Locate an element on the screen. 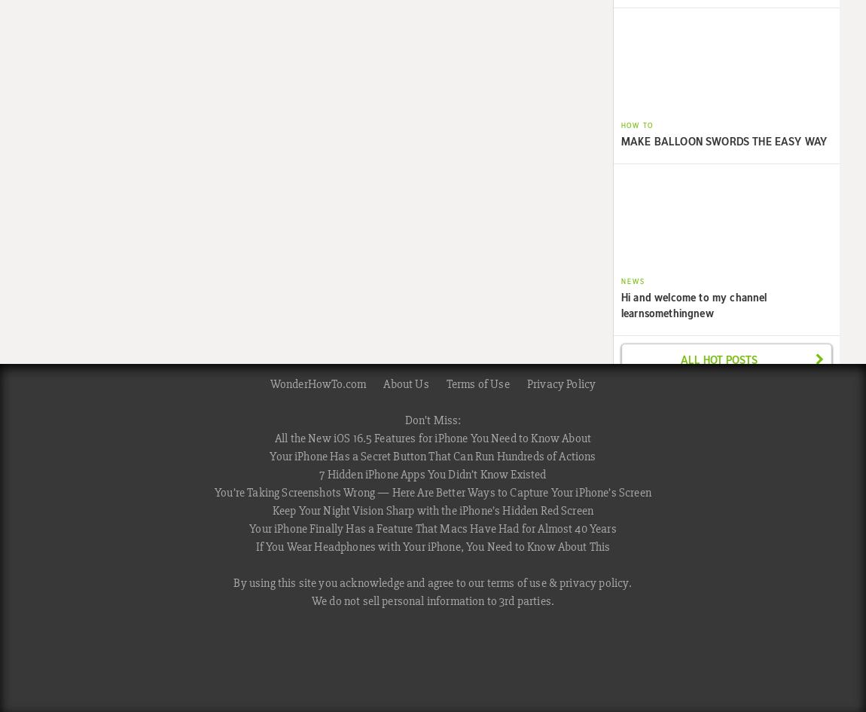  'Keep Your Night Vision Sharp with the iPhone’s Hidden Red Screen' is located at coordinates (432, 509).